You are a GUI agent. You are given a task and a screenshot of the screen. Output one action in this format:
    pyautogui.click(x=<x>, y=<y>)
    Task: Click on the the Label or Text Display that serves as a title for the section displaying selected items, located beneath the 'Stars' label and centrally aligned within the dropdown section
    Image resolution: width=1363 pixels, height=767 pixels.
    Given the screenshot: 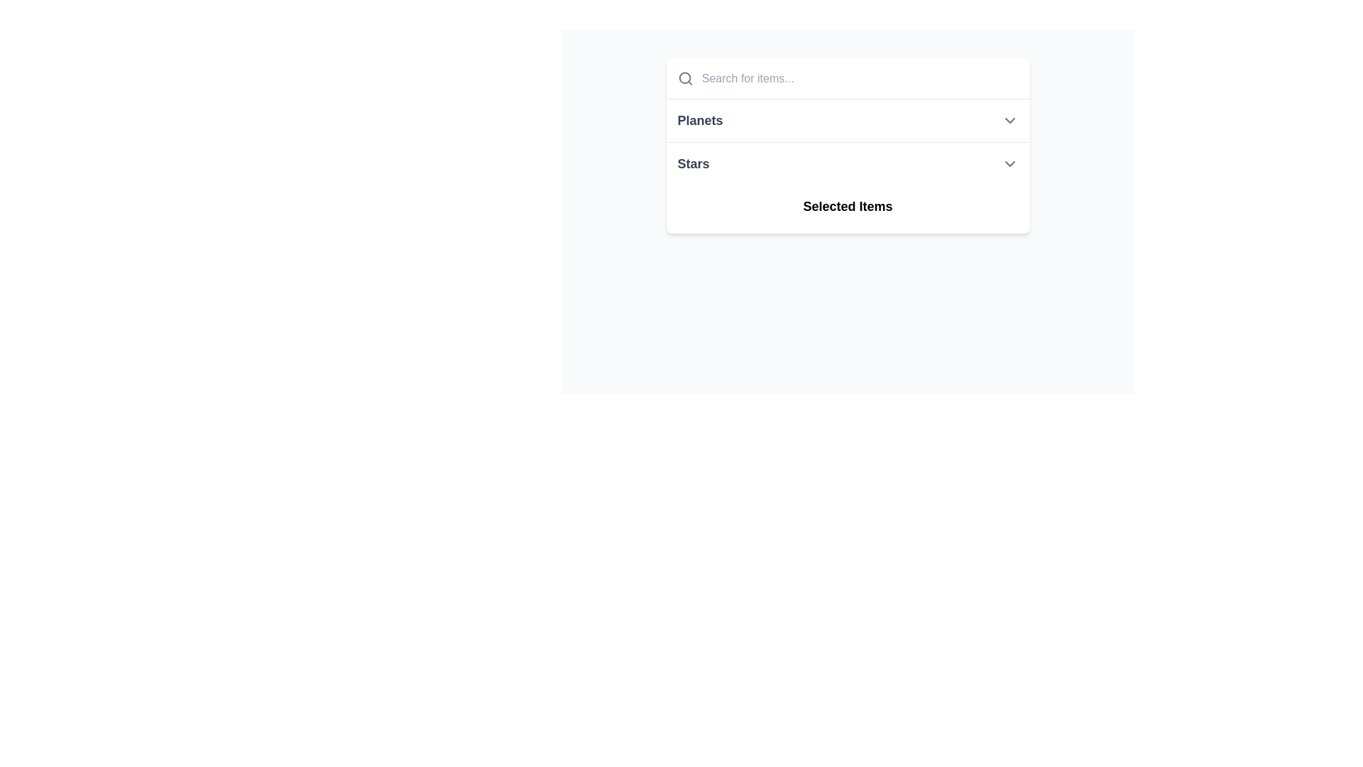 What is the action you would take?
    pyautogui.click(x=848, y=206)
    